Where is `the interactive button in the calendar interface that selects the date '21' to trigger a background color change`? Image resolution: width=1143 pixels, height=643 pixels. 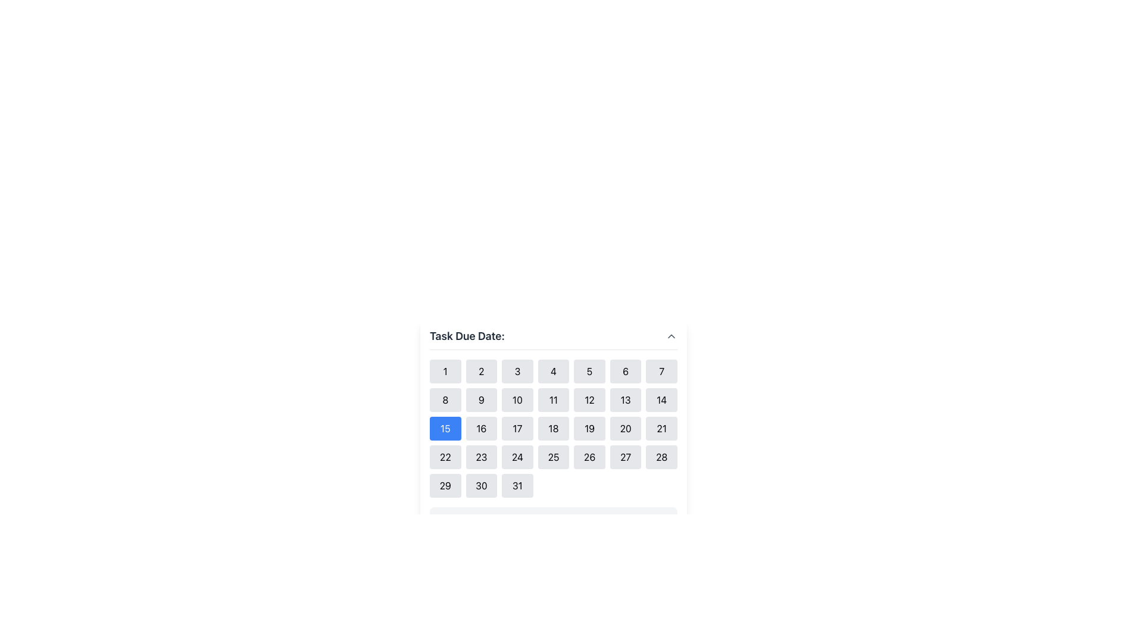 the interactive button in the calendar interface that selects the date '21' to trigger a background color change is located at coordinates (661, 429).